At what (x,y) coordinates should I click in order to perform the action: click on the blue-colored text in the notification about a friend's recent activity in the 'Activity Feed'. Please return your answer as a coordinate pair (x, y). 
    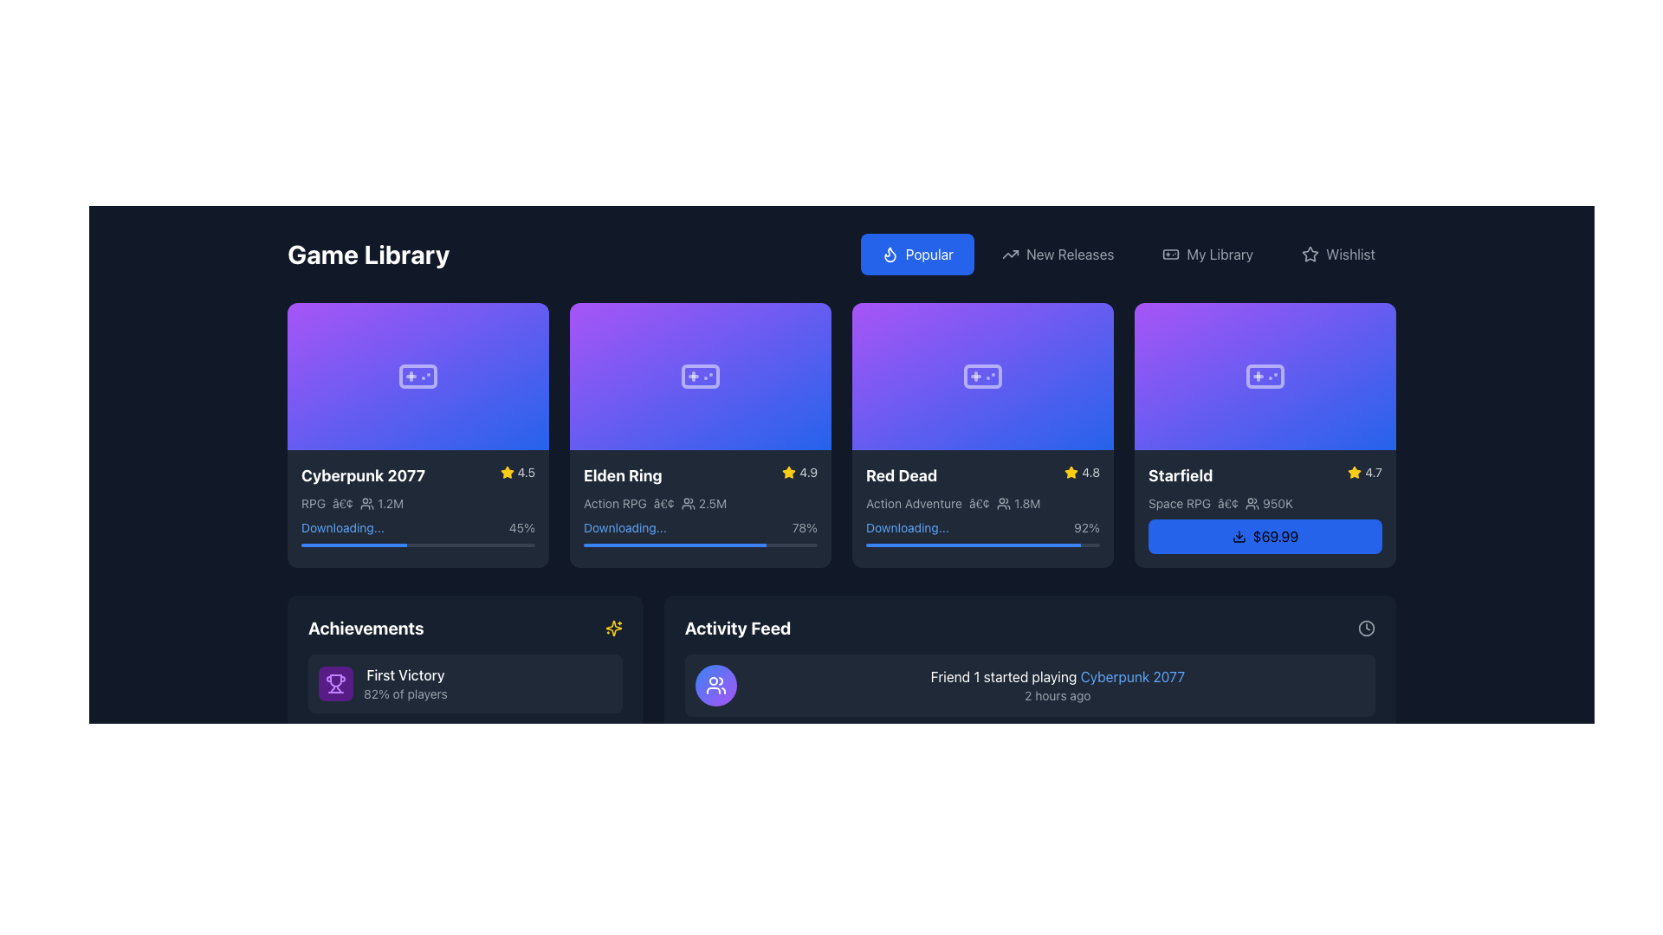
    Looking at the image, I should click on (1057, 684).